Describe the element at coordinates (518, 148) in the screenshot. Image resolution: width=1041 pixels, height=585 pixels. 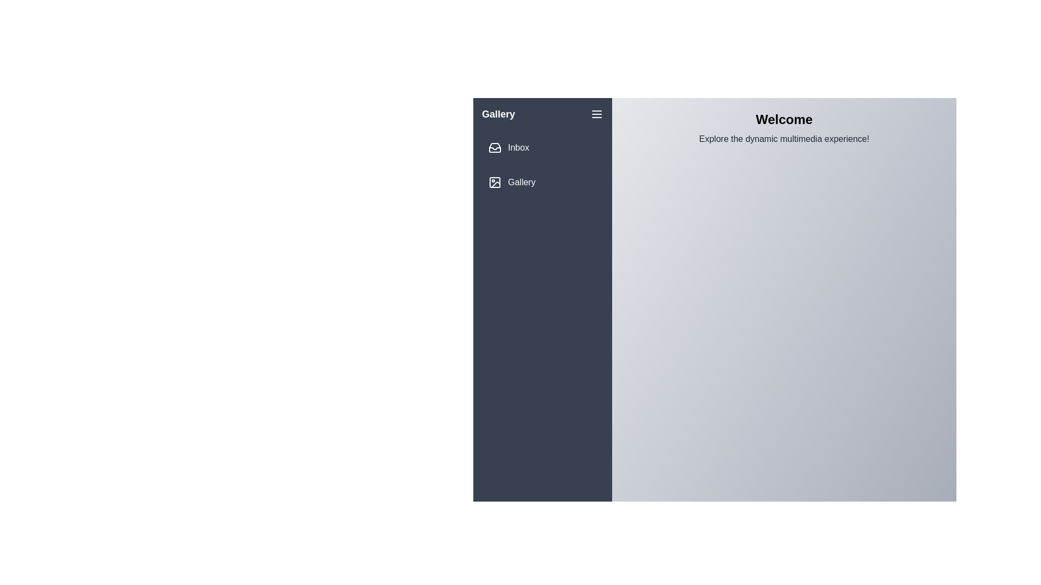
I see `label indicating the 'Inbox' navigation link located in the sidebar navigation menu, positioned to the right of a mail icon` at that location.